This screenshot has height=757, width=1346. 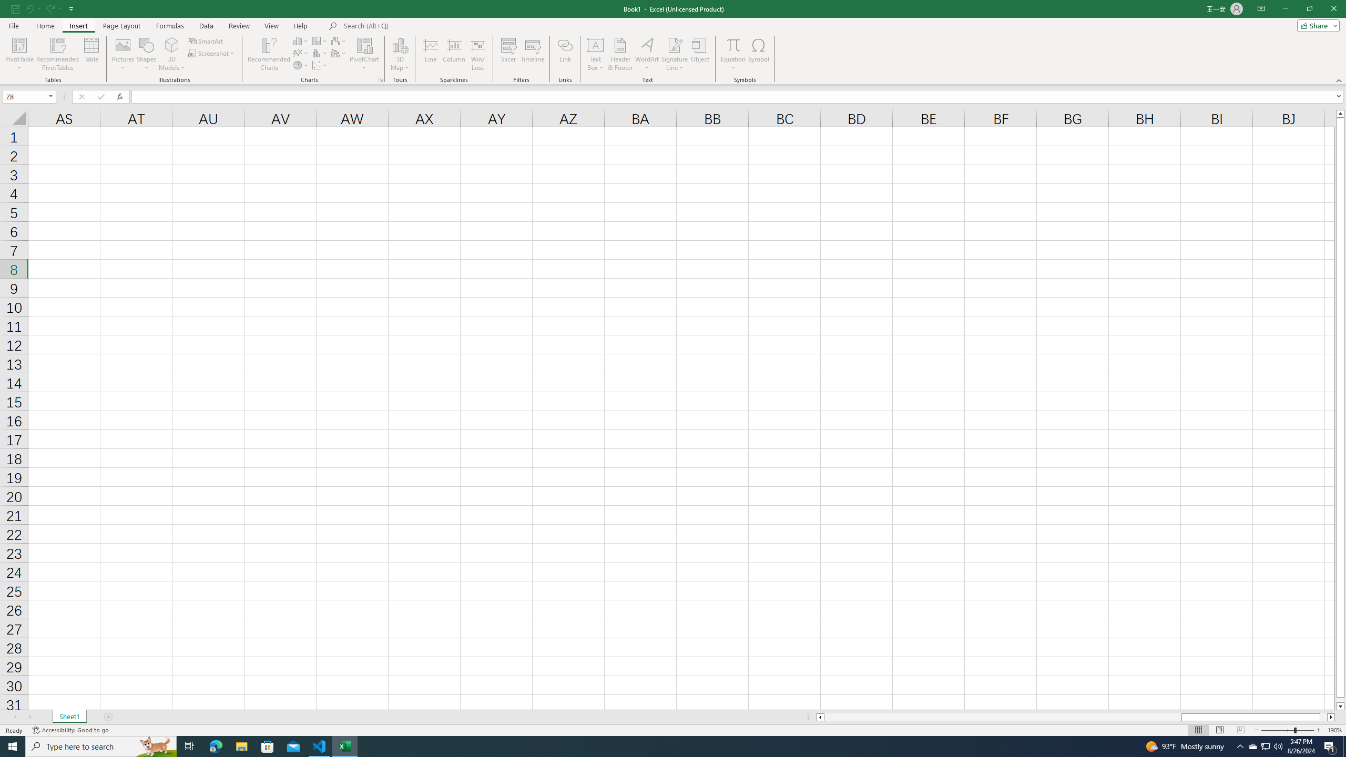 I want to click on 'Microsoft search', so click(x=416, y=26).